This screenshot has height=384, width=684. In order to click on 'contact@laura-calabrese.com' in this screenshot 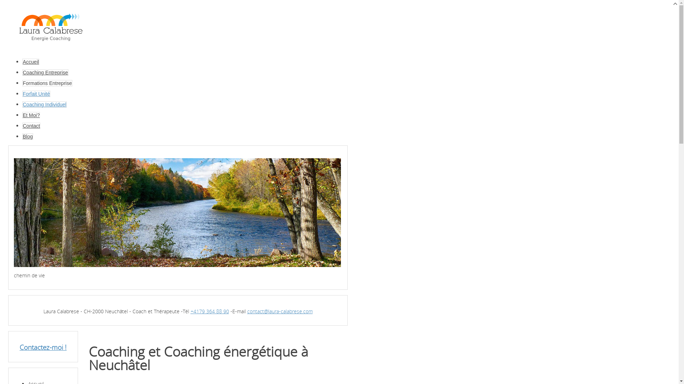, I will do `click(280, 311)`.